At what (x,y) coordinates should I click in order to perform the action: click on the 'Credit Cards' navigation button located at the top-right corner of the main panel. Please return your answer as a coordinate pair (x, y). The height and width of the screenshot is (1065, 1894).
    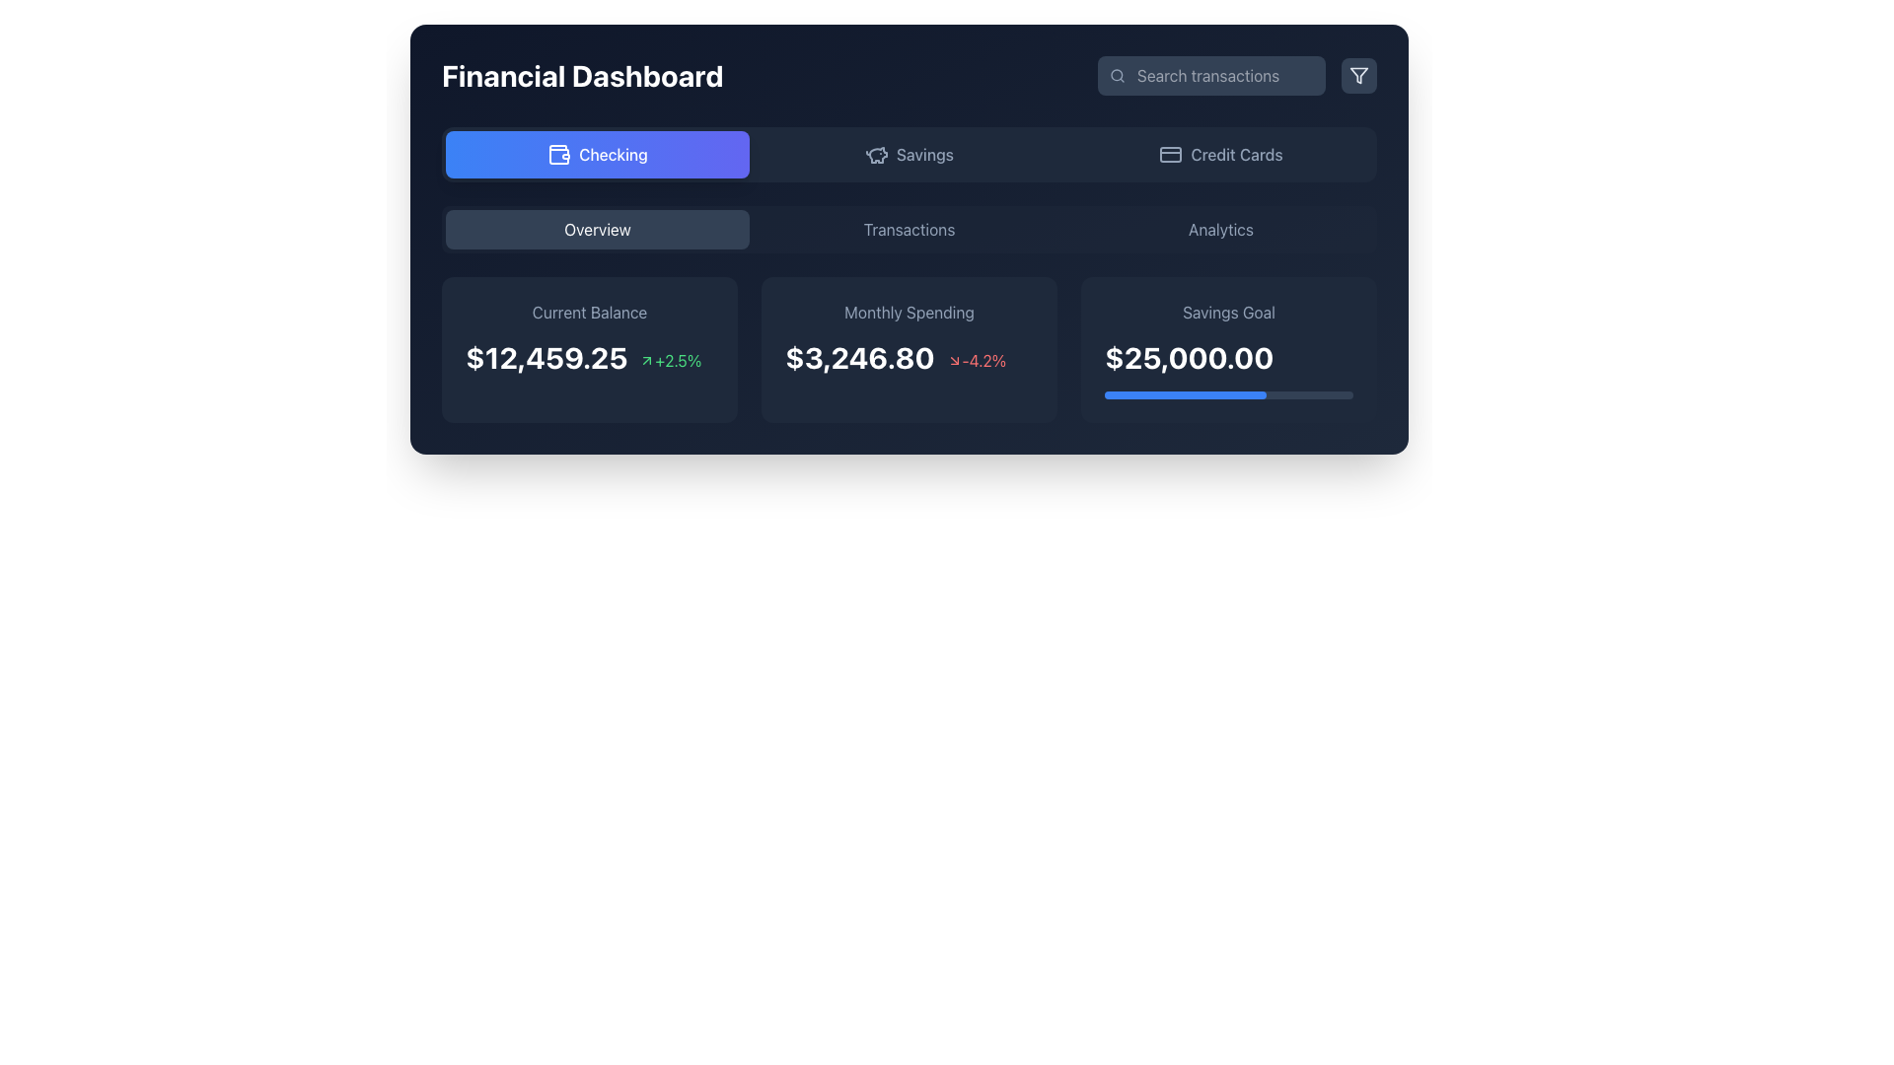
    Looking at the image, I should click on (1220, 154).